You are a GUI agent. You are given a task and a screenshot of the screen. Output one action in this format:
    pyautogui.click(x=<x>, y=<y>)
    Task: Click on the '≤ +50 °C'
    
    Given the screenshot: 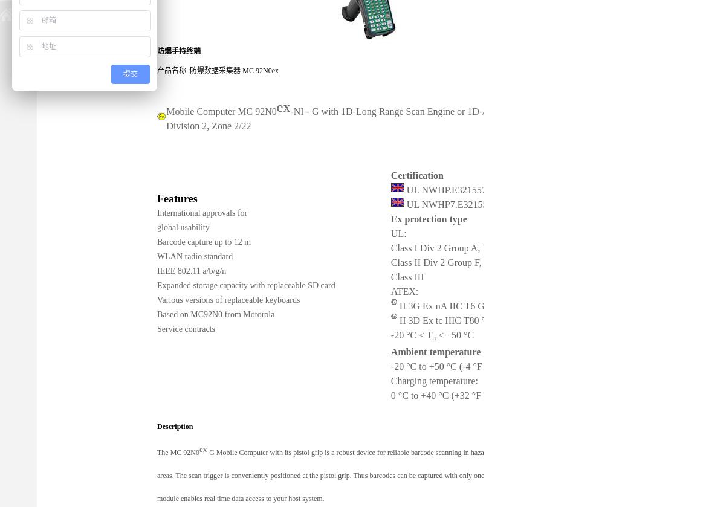 What is the action you would take?
    pyautogui.click(x=435, y=334)
    